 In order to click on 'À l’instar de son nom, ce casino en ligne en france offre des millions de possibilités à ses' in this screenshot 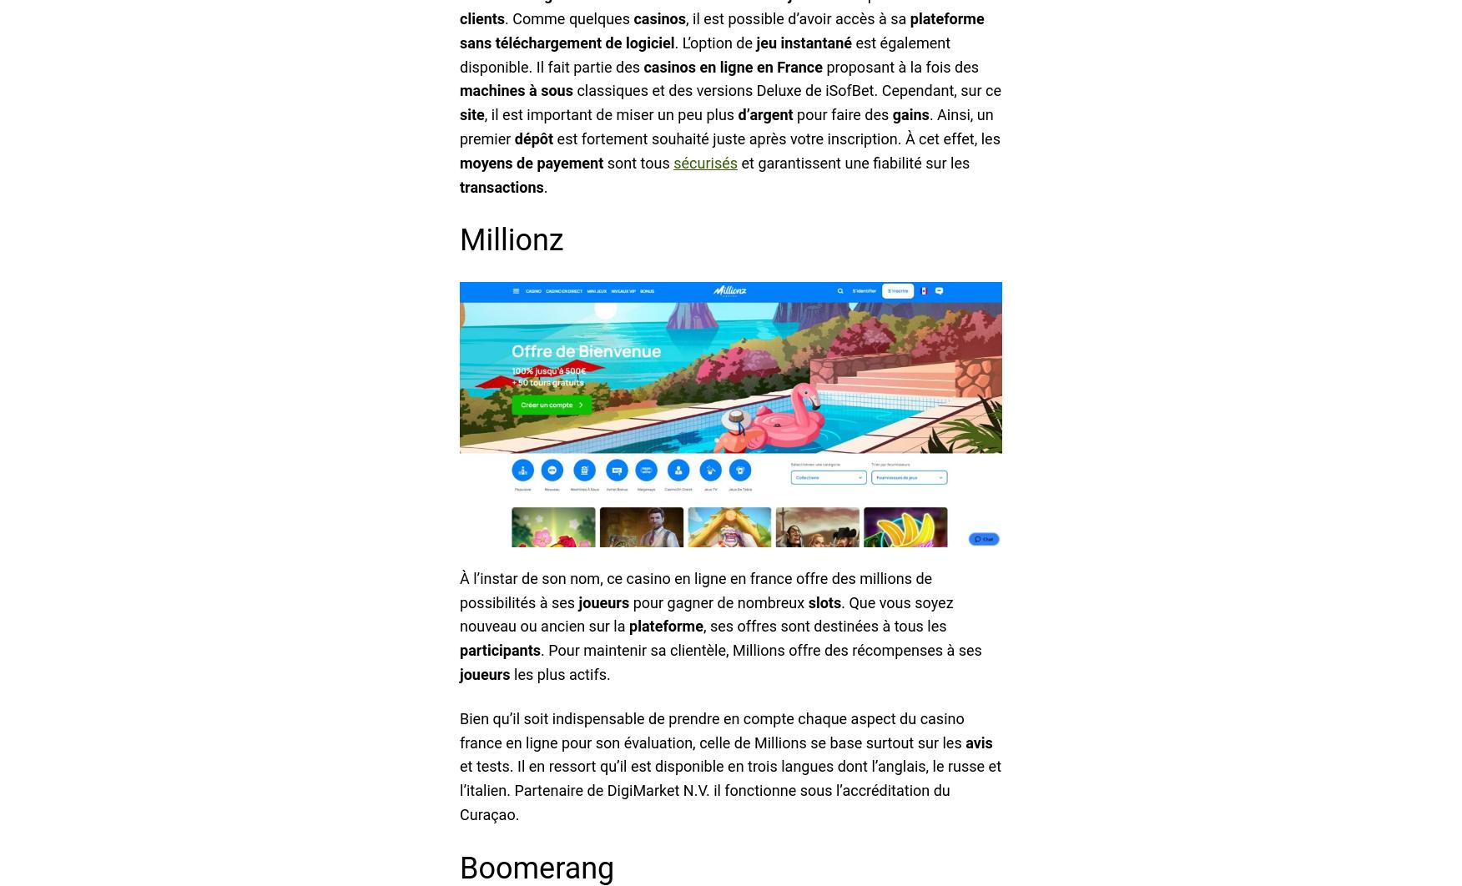, I will do `click(694, 589)`.